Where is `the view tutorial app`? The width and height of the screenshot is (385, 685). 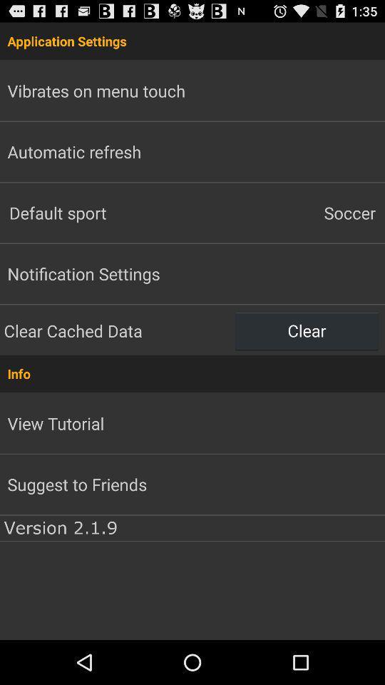
the view tutorial app is located at coordinates (55, 423).